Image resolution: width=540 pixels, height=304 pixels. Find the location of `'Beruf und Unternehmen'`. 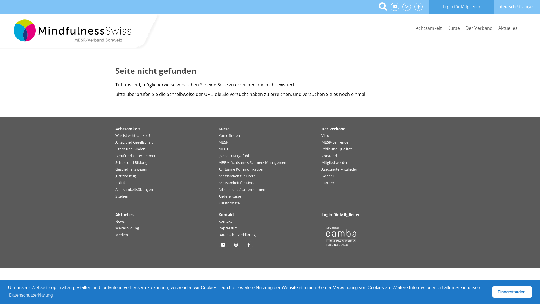

'Beruf und Unternehmen' is located at coordinates (115, 156).